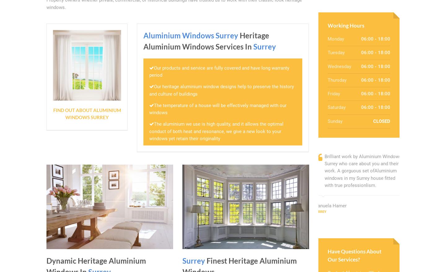 This screenshot has width=446, height=272. Describe the element at coordinates (363, 171) in the screenshot. I see `'Brilliant work by Aluminium Windows Surrey who care about you and their work. A gorguous set ofAluminium windows in my Surrey house fitted with true professionlism.'` at that location.